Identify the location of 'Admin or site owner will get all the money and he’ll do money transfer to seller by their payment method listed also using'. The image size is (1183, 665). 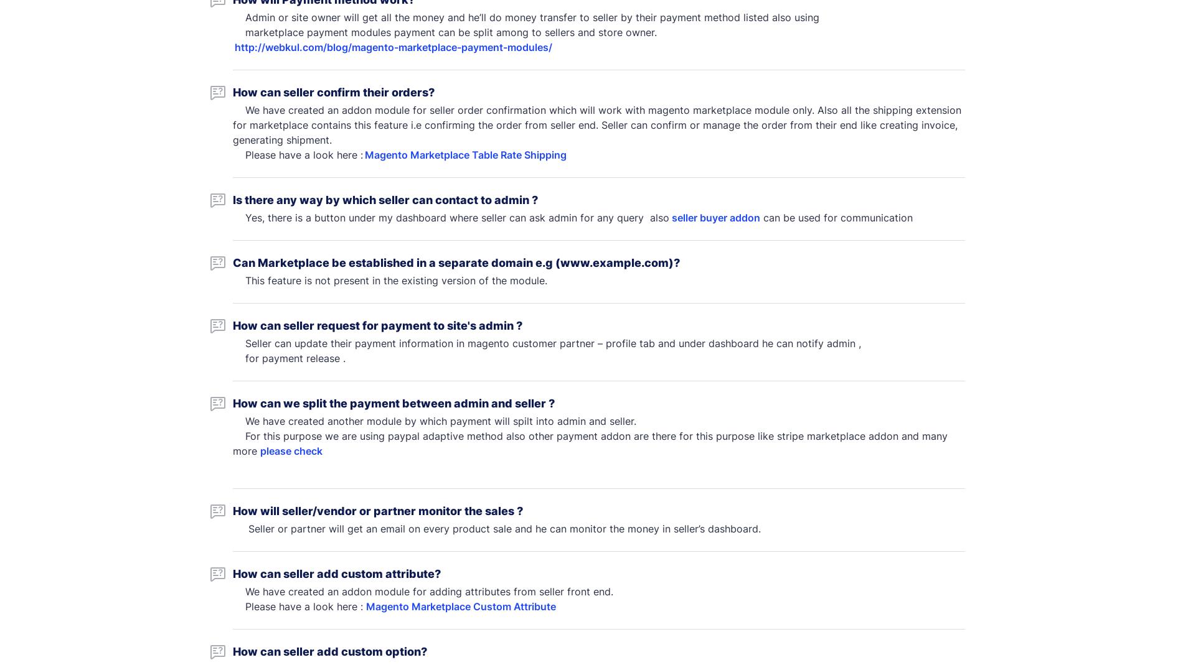
(232, 17).